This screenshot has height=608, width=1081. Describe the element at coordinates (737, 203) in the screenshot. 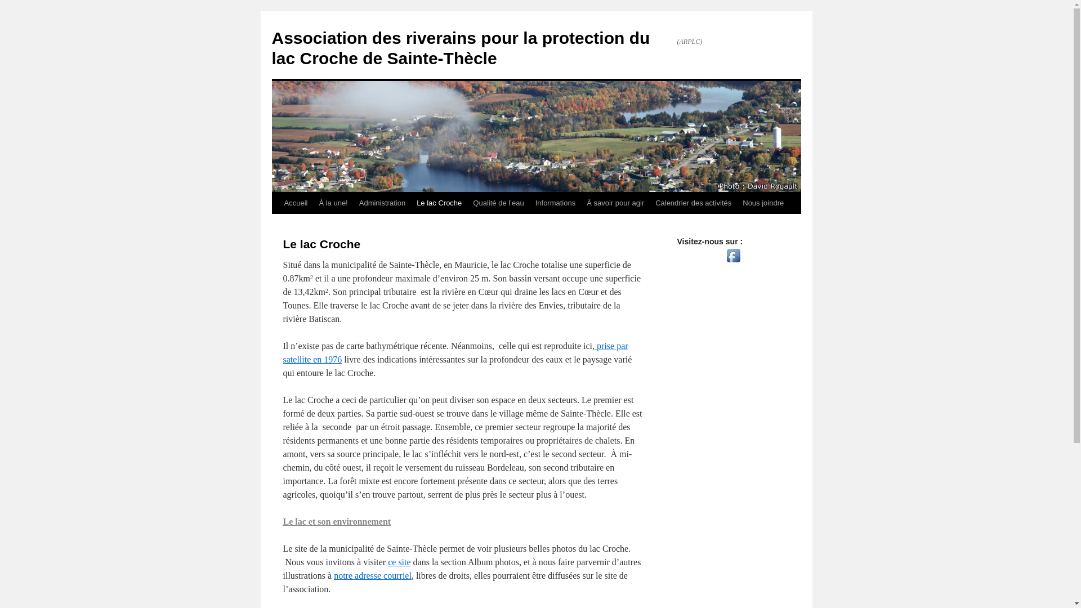

I see `'Nous joindre'` at that location.